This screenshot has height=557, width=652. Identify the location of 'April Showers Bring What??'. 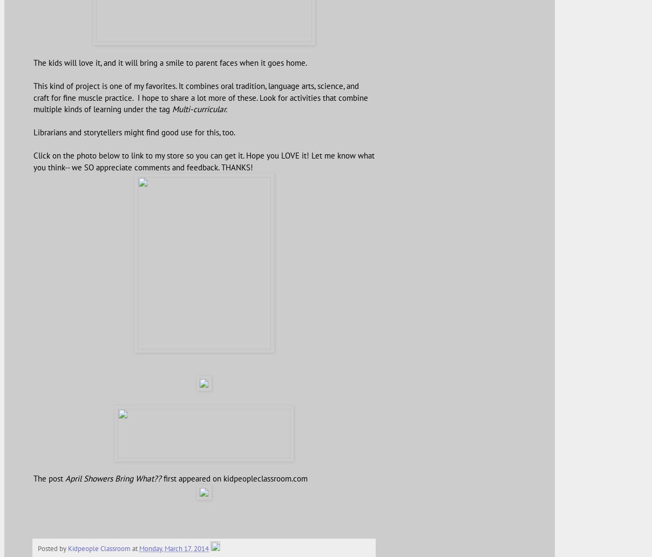
(113, 478).